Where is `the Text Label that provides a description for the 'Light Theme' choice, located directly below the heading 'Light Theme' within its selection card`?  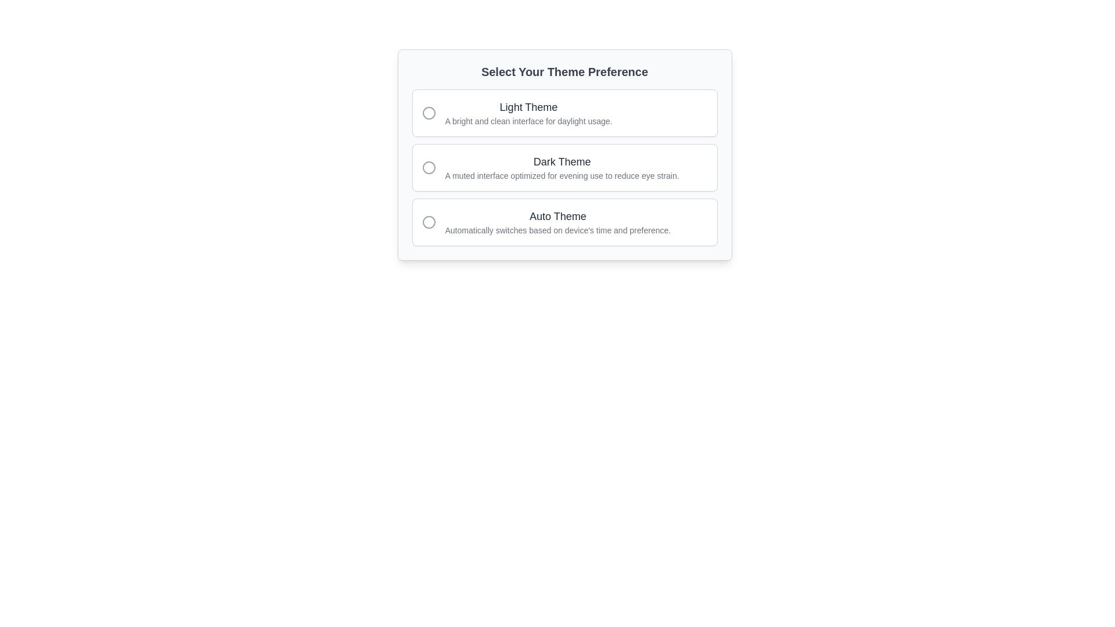 the Text Label that provides a description for the 'Light Theme' choice, located directly below the heading 'Light Theme' within its selection card is located at coordinates (528, 121).